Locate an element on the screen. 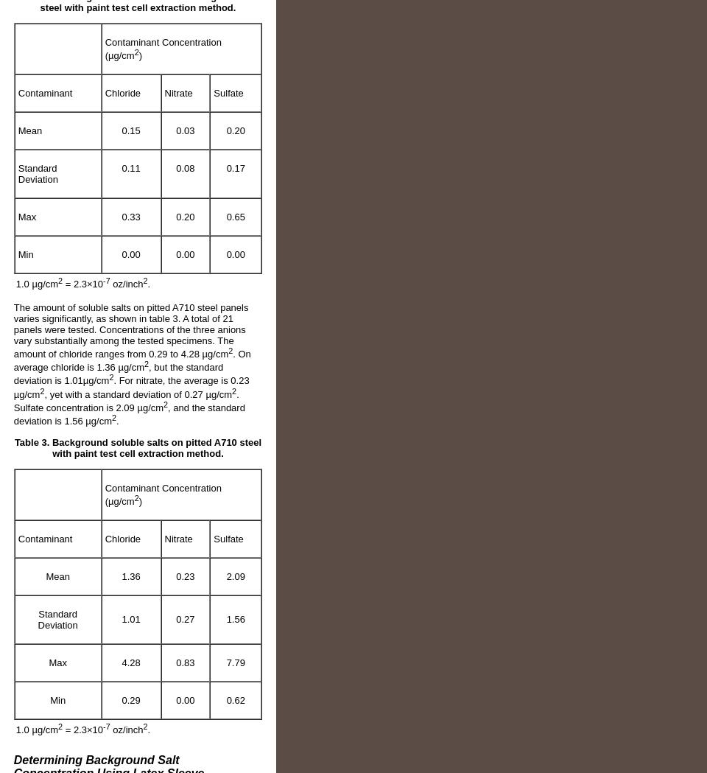  '. On average chloride is 1.36 µg/cm' is located at coordinates (131, 360).